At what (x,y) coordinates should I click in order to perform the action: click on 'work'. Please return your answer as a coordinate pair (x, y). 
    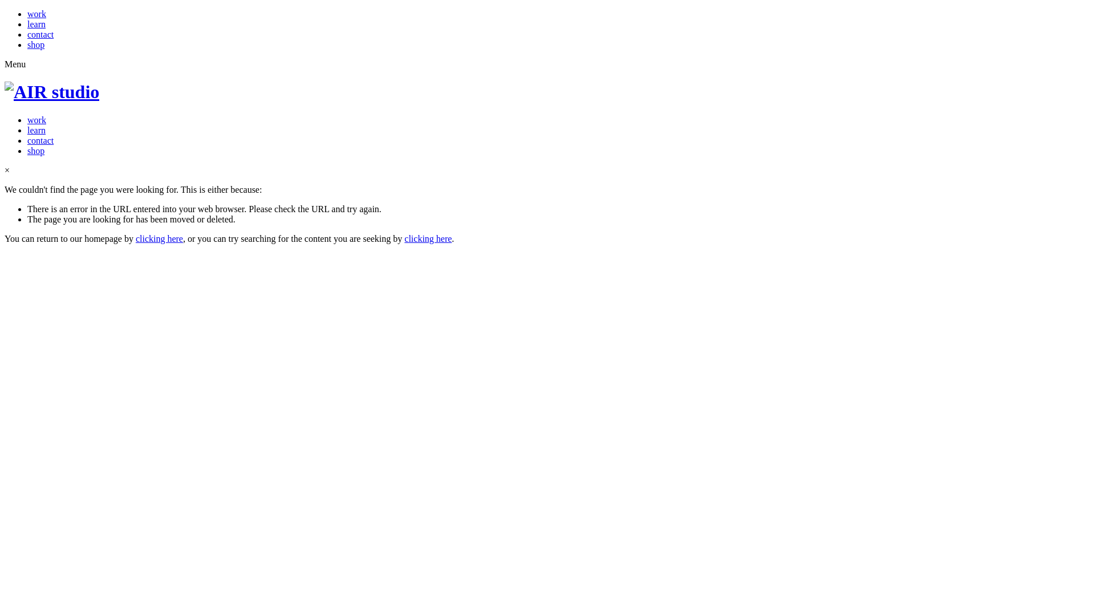
    Looking at the image, I should click on (36, 14).